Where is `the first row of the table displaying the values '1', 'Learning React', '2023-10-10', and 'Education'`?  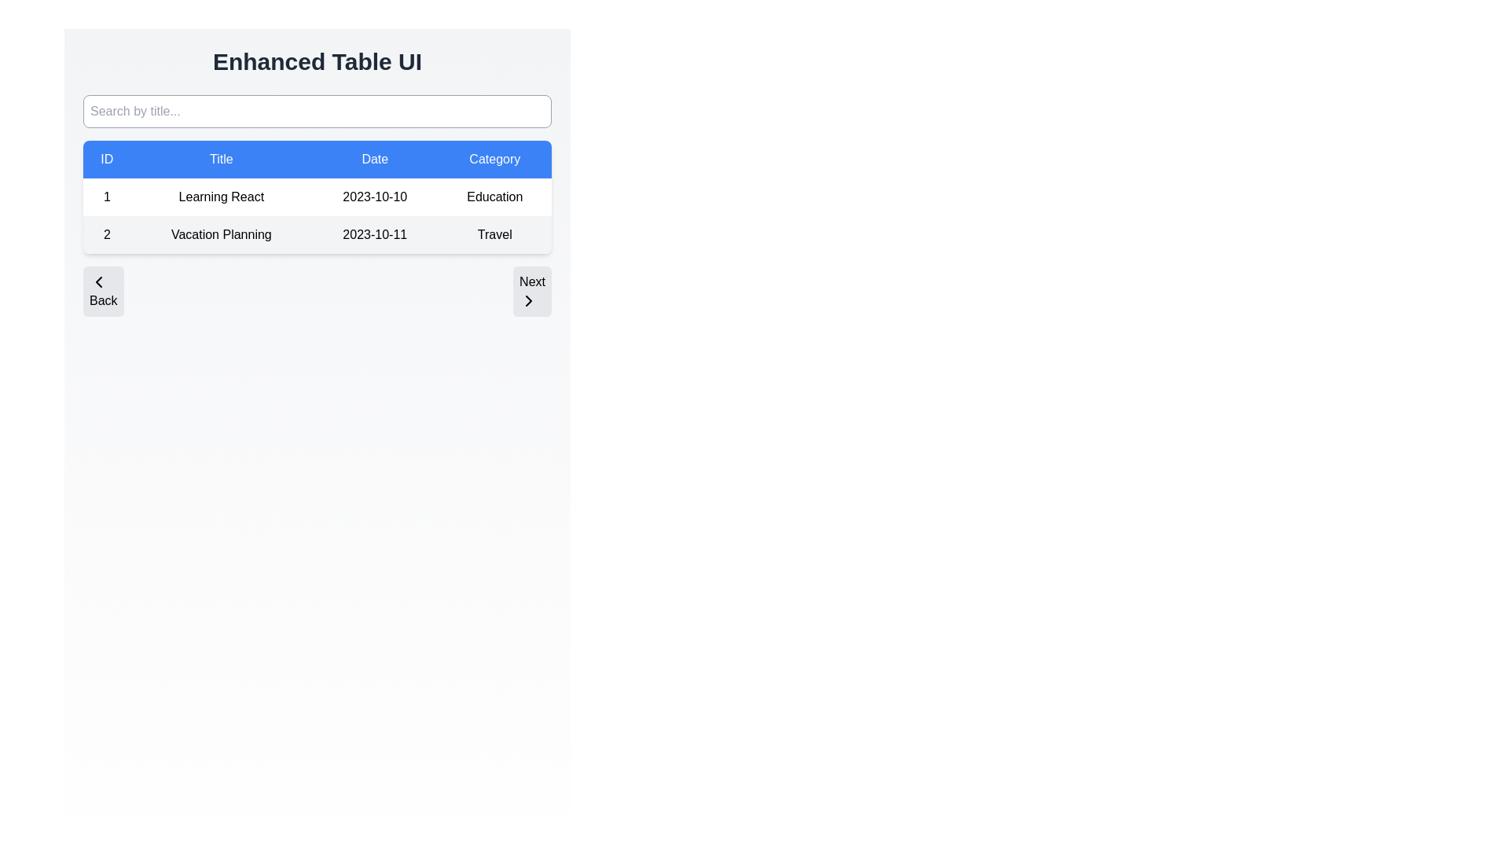
the first row of the table displaying the values '1', 'Learning React', '2023-10-10', and 'Education' is located at coordinates (316, 196).